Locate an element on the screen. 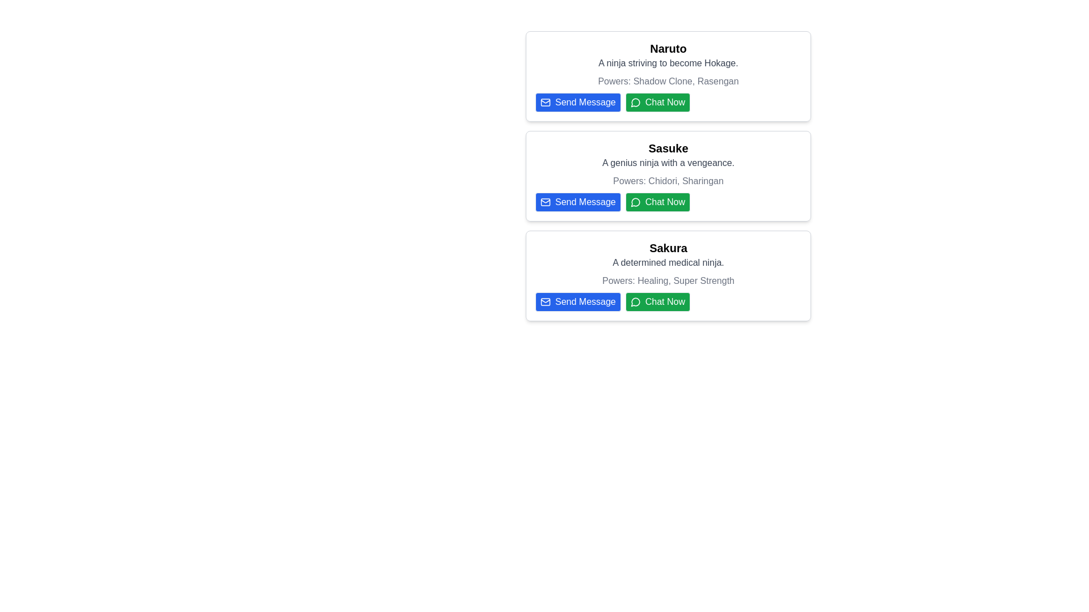  the 'Chat Now' button icon, which is an SVG graphic located at the bottom right corner of the card titled 'Naruto', below the 'Send Message' button is located at coordinates (635, 103).